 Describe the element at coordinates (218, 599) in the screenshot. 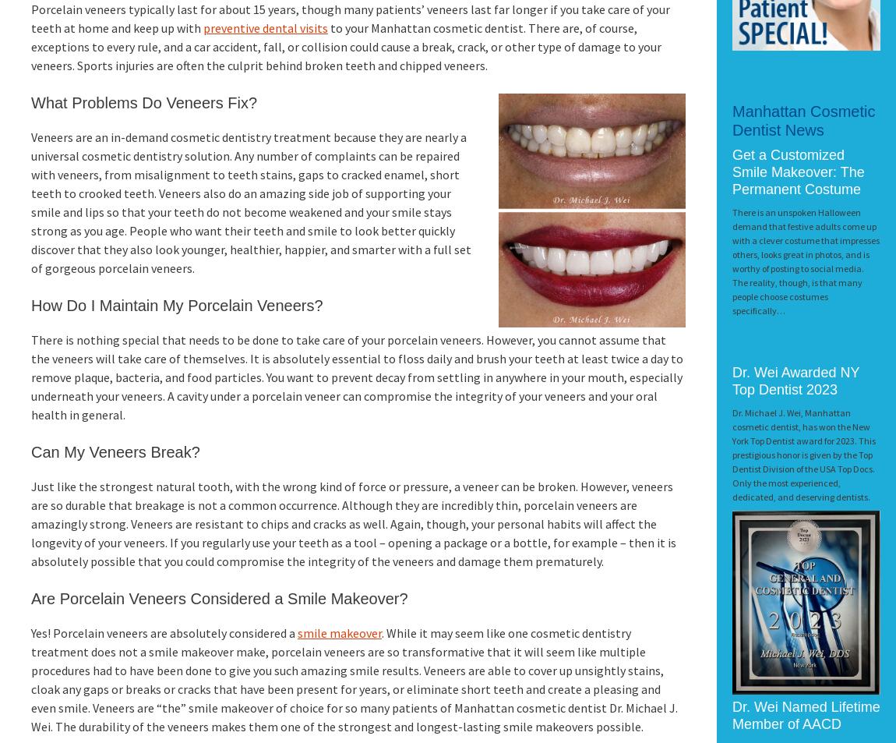

I see `'Are Porcelain Veneers Considered a Smile Makeover?'` at that location.